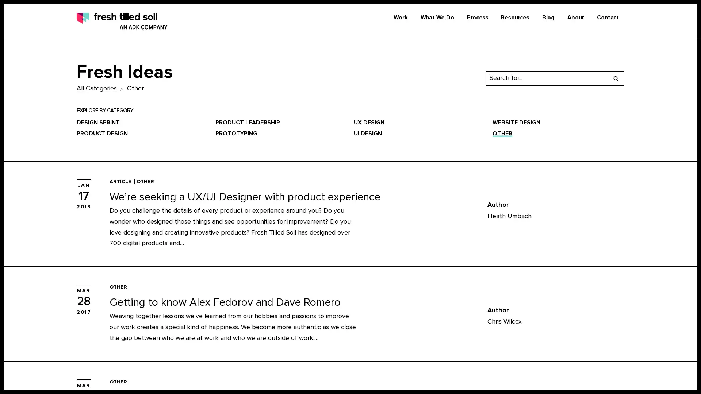  What do you see at coordinates (615, 77) in the screenshot?
I see `SUBMIT SEARCH` at bounding box center [615, 77].